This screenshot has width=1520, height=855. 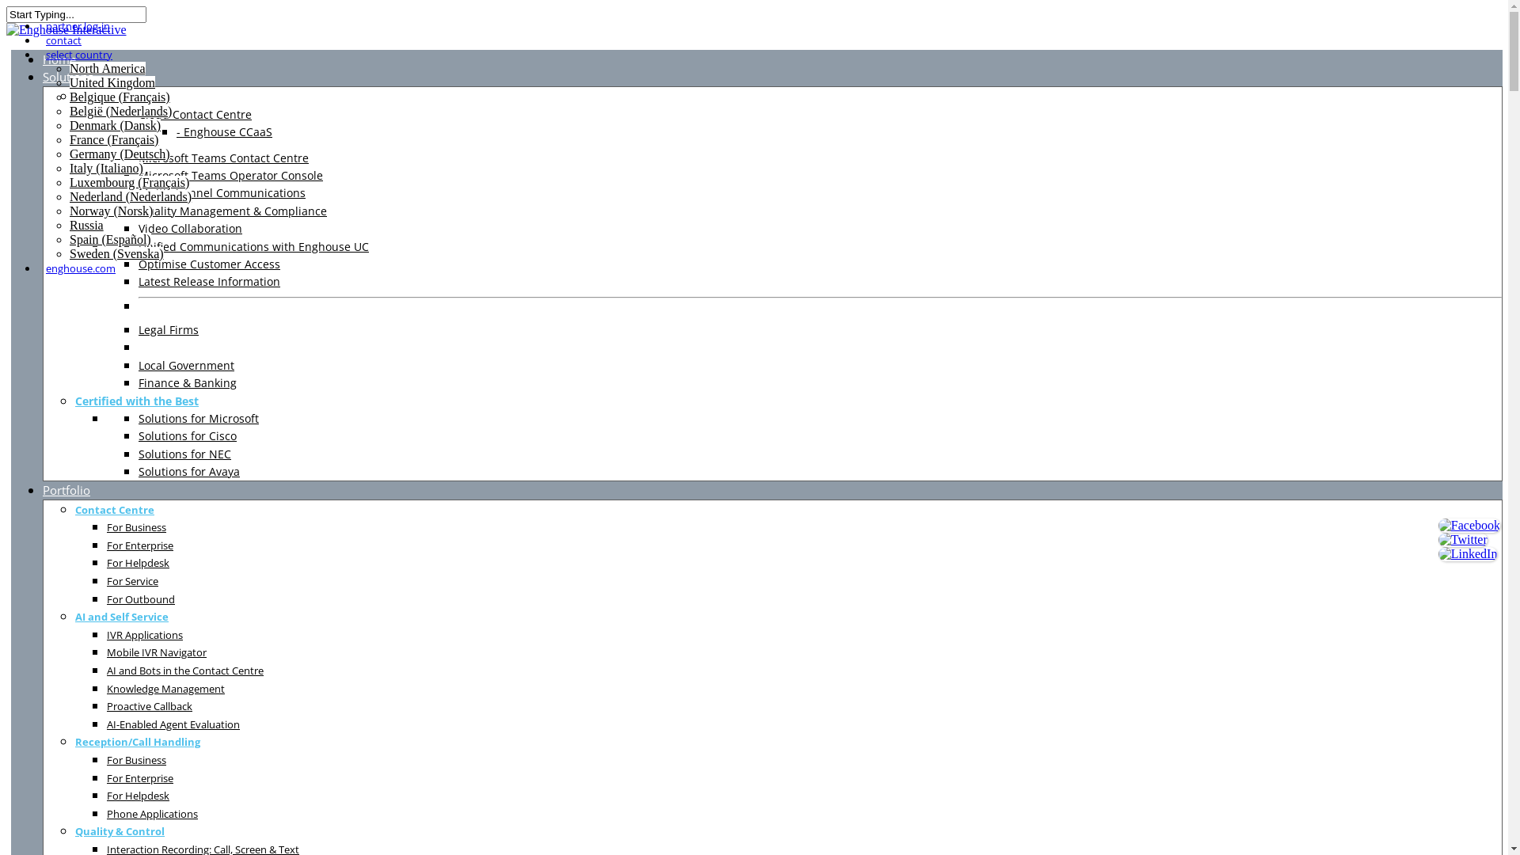 I want to click on 'Mobile IVR Navigator', so click(x=105, y=652).